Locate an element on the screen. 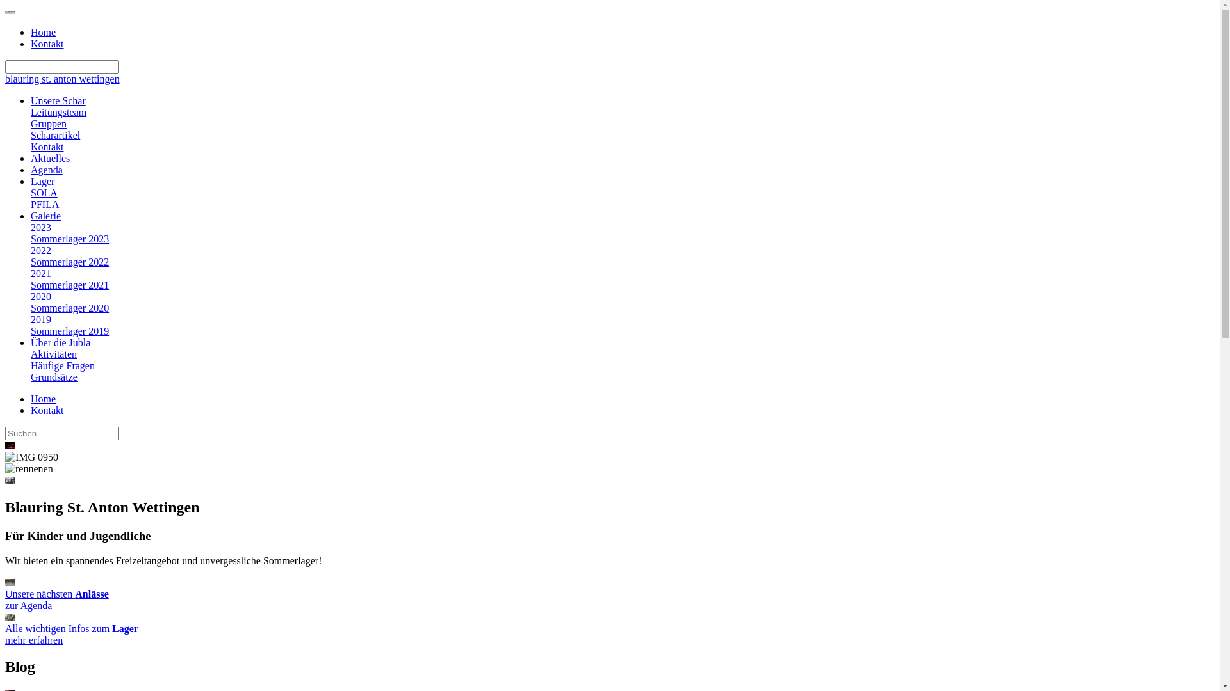 The width and height of the screenshot is (1230, 691). 'Leitungsteam' is located at coordinates (58, 111).